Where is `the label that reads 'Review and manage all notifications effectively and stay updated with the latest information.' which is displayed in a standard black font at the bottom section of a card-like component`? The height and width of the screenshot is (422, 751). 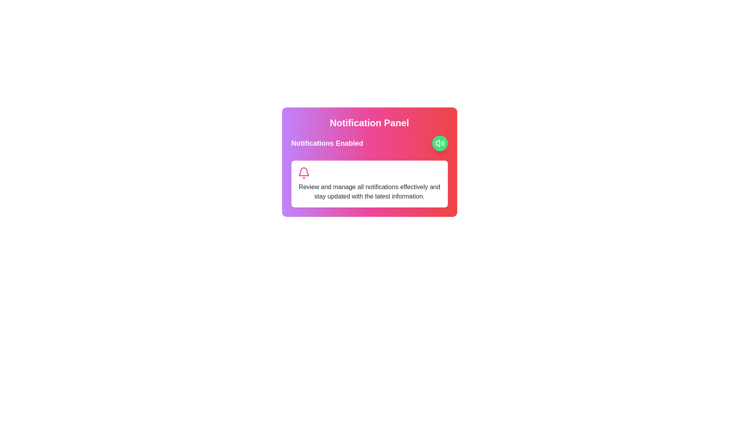
the label that reads 'Review and manage all notifications effectively and stay updated with the latest information.' which is displayed in a standard black font at the bottom section of a card-like component is located at coordinates (369, 191).